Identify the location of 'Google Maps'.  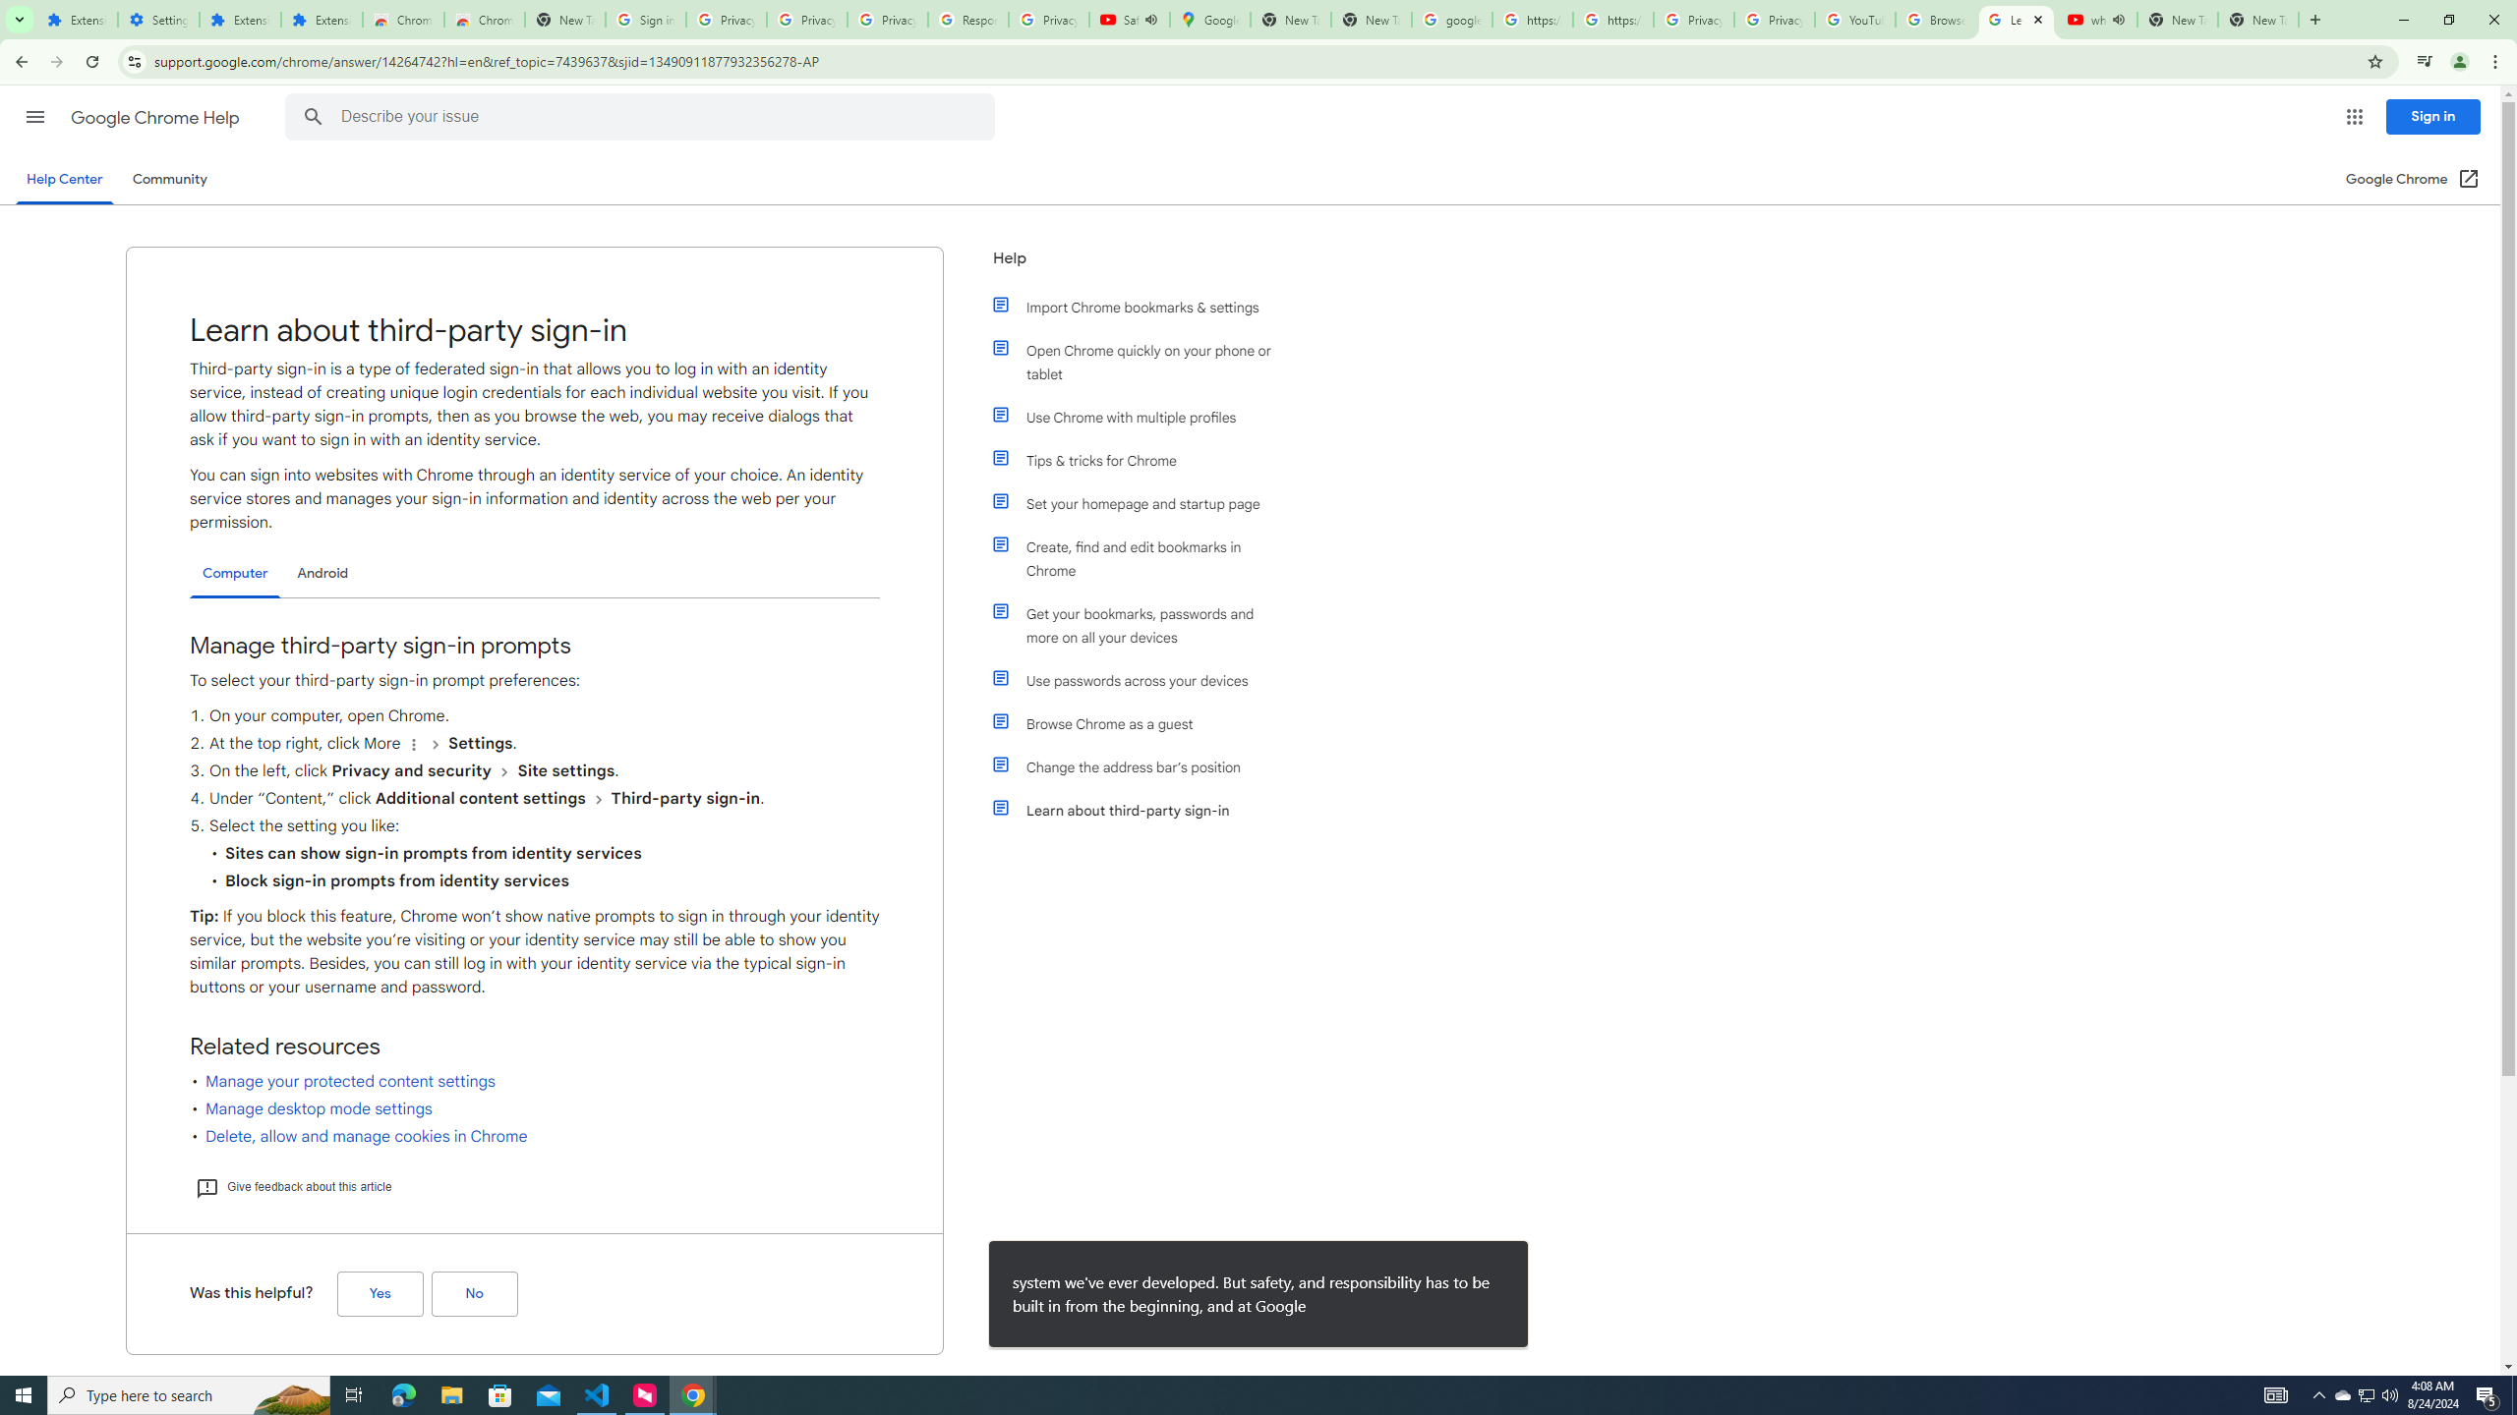
(1209, 19).